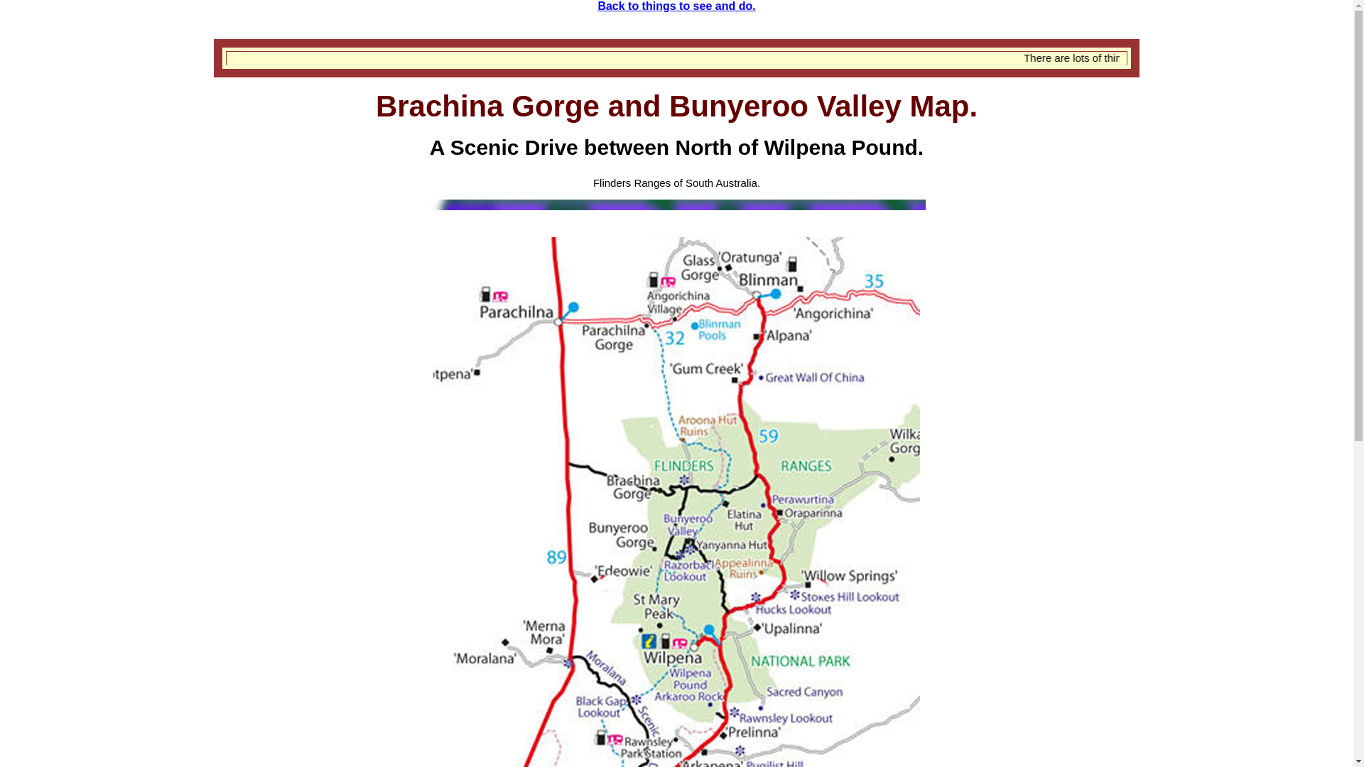 The height and width of the screenshot is (767, 1364). Describe the element at coordinates (597, 6) in the screenshot. I see `'Back to things to see and do.'` at that location.